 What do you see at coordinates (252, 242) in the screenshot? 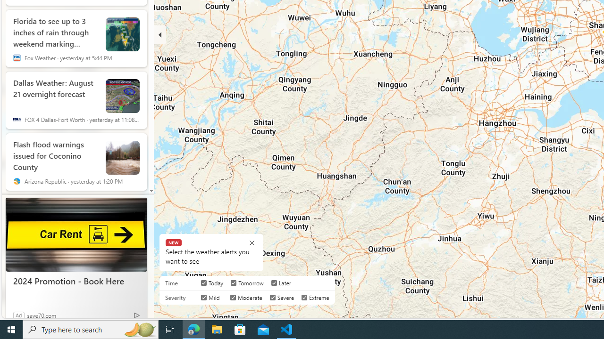
I see `'Class: BubbleMessageCloseIcon-DS-EntryPoint1-1'` at bounding box center [252, 242].